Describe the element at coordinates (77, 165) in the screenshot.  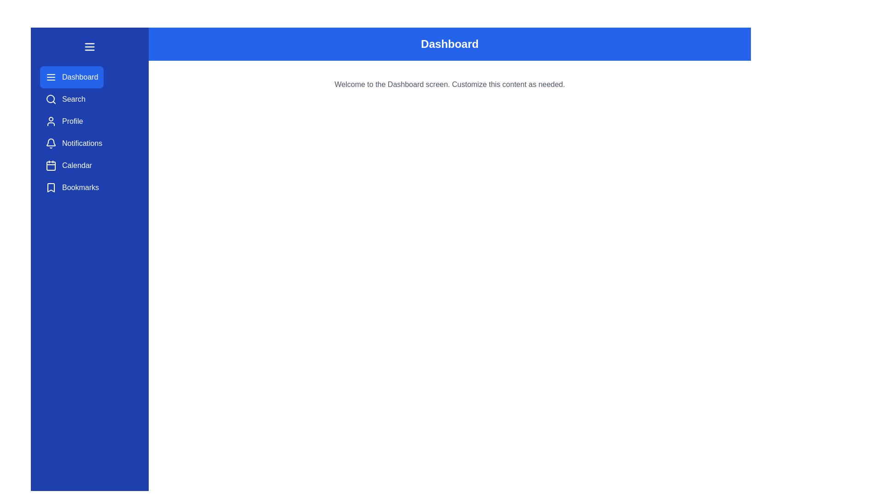
I see `'Calendar' text label located in the left vertical navigation bar, which is the fifth entry and is displayed in white font on a blue background` at that location.